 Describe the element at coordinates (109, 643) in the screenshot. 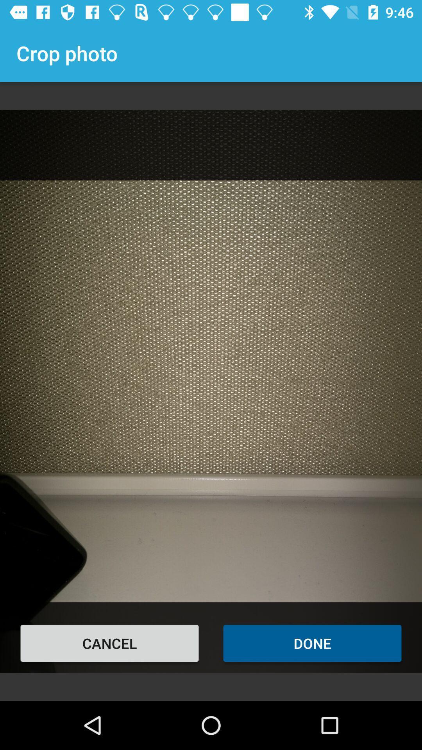

I see `the icon below crop photo` at that location.